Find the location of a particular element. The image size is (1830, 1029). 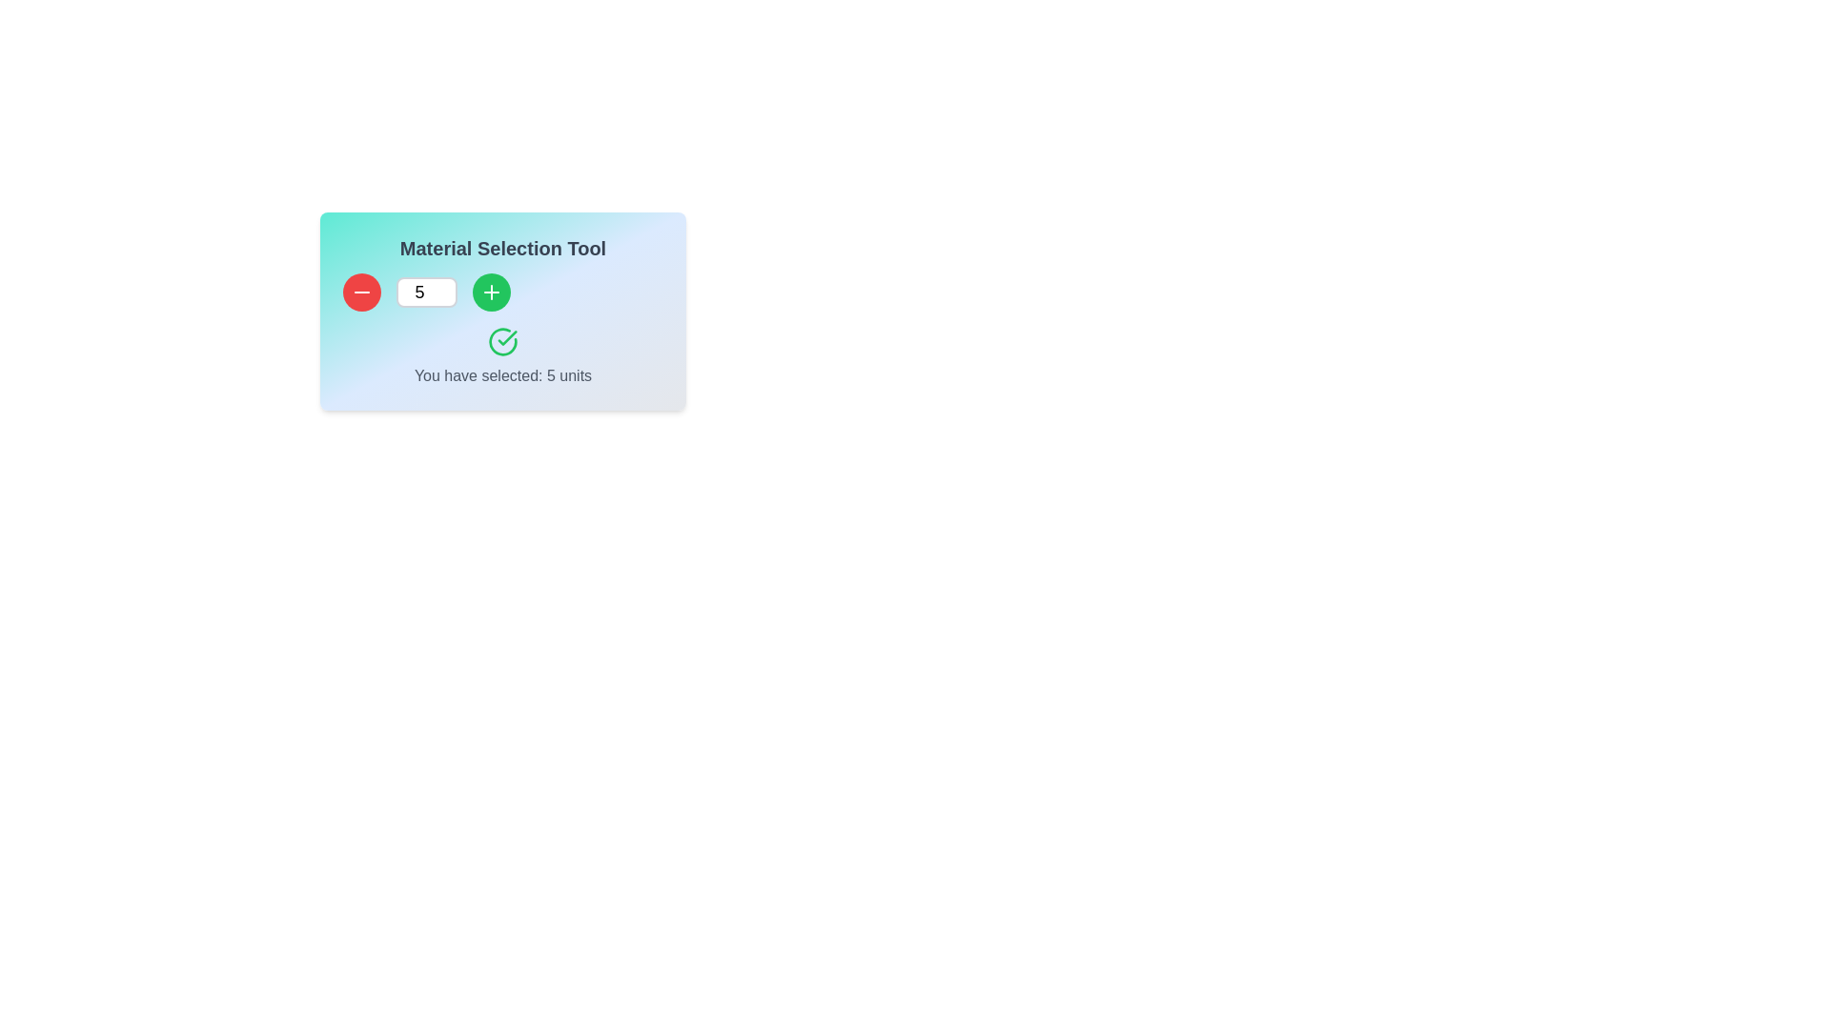

the informational message displaying 'You have selected: 5 units' with a green circular checkmark icon, located within the 'Material Selection Tool' card is located at coordinates (503, 356).